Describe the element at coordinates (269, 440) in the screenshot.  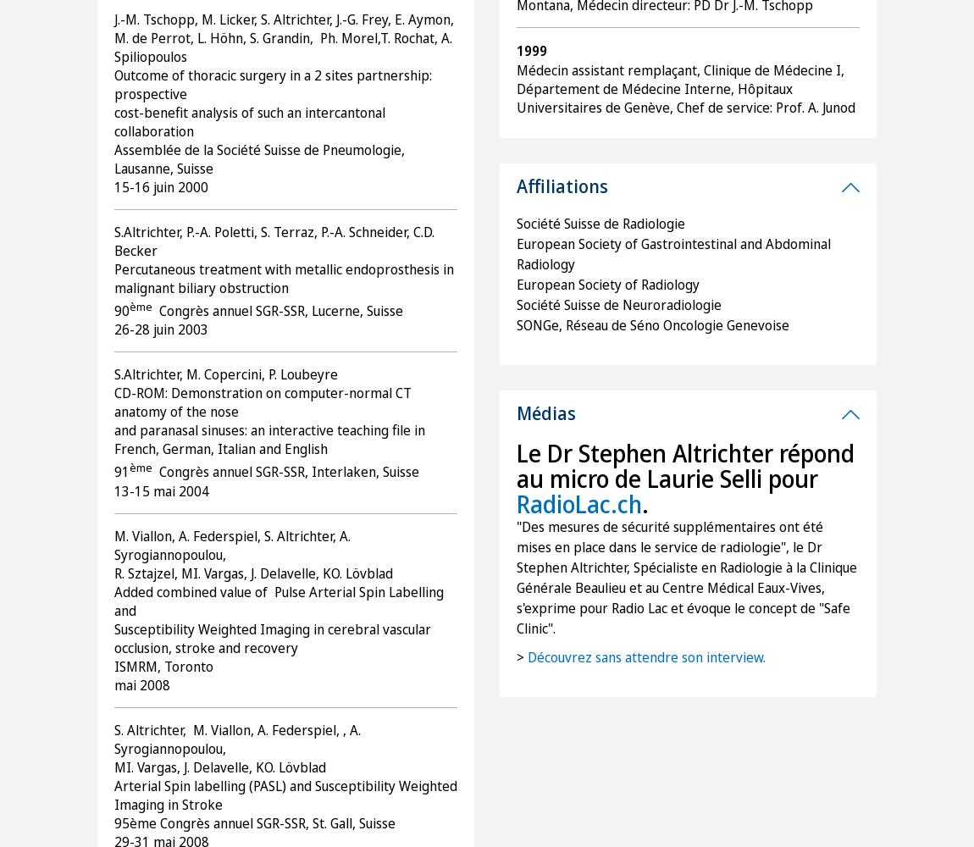
I see `'and paranasal sinuses: an interactive teaching file in French, German, Italian and English'` at that location.